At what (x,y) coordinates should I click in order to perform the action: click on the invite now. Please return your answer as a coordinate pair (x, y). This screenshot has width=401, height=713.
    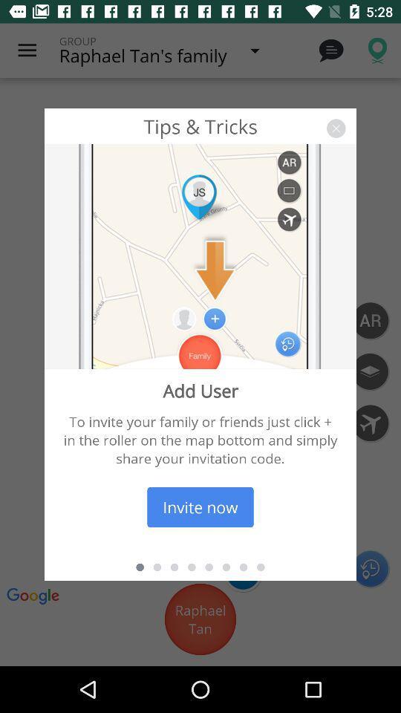
    Looking at the image, I should click on (200, 507).